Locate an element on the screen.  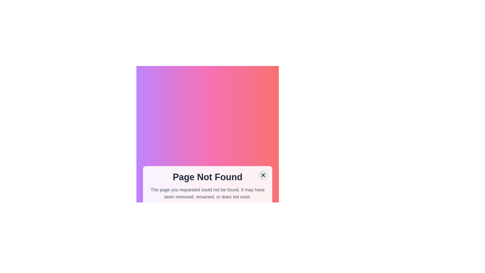
information presented in the modal dialog box that indicates a missing or inaccessible page and provides navigation options is located at coordinates (207, 194).